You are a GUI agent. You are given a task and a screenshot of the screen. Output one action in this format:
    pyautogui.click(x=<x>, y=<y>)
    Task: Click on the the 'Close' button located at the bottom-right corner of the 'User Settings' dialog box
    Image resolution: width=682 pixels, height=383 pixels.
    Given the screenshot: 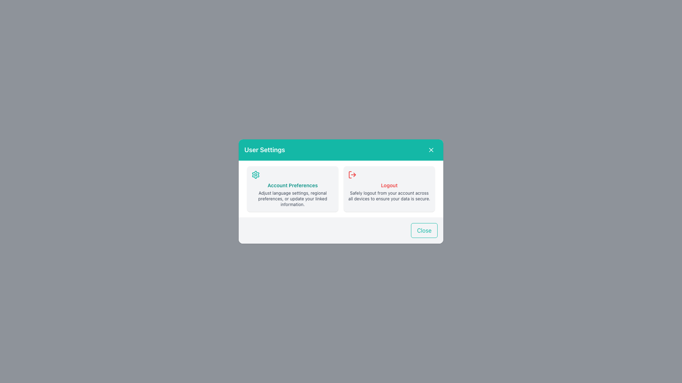 What is the action you would take?
    pyautogui.click(x=424, y=231)
    